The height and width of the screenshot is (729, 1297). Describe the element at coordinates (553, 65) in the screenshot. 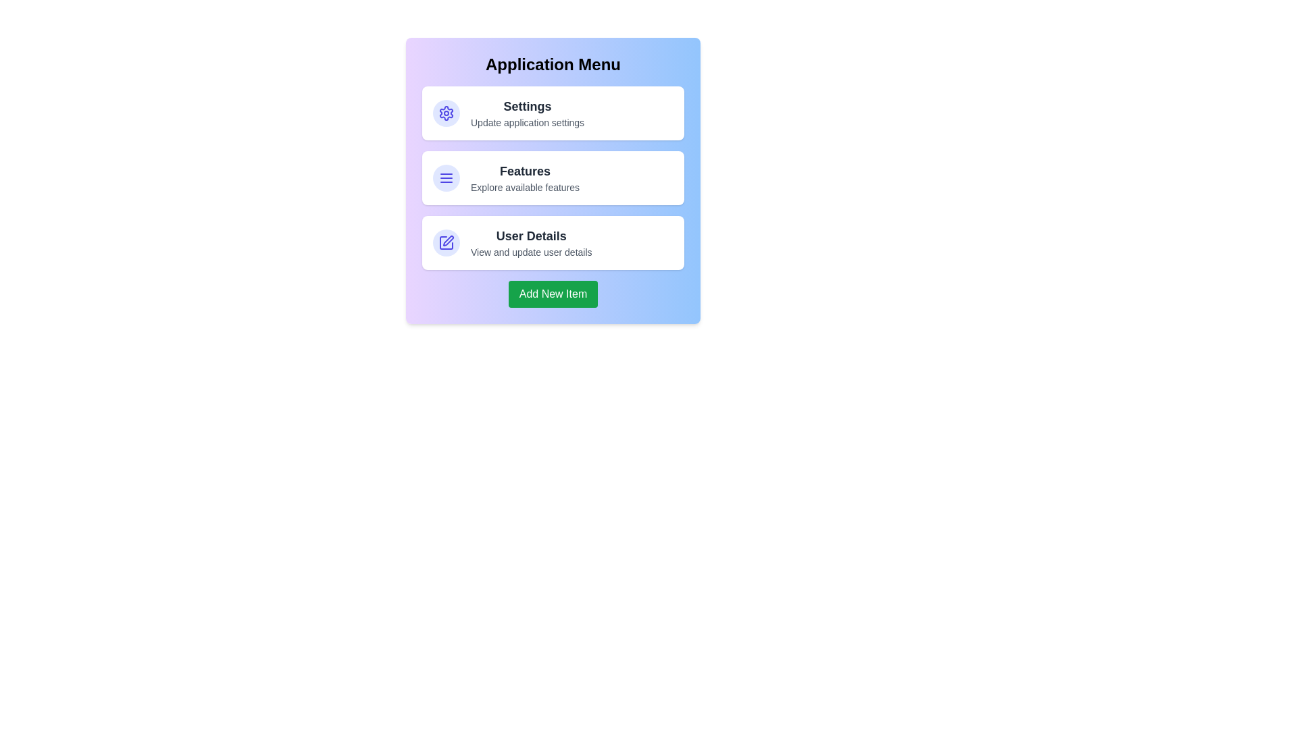

I see `the title text 'Application Menu'` at that location.